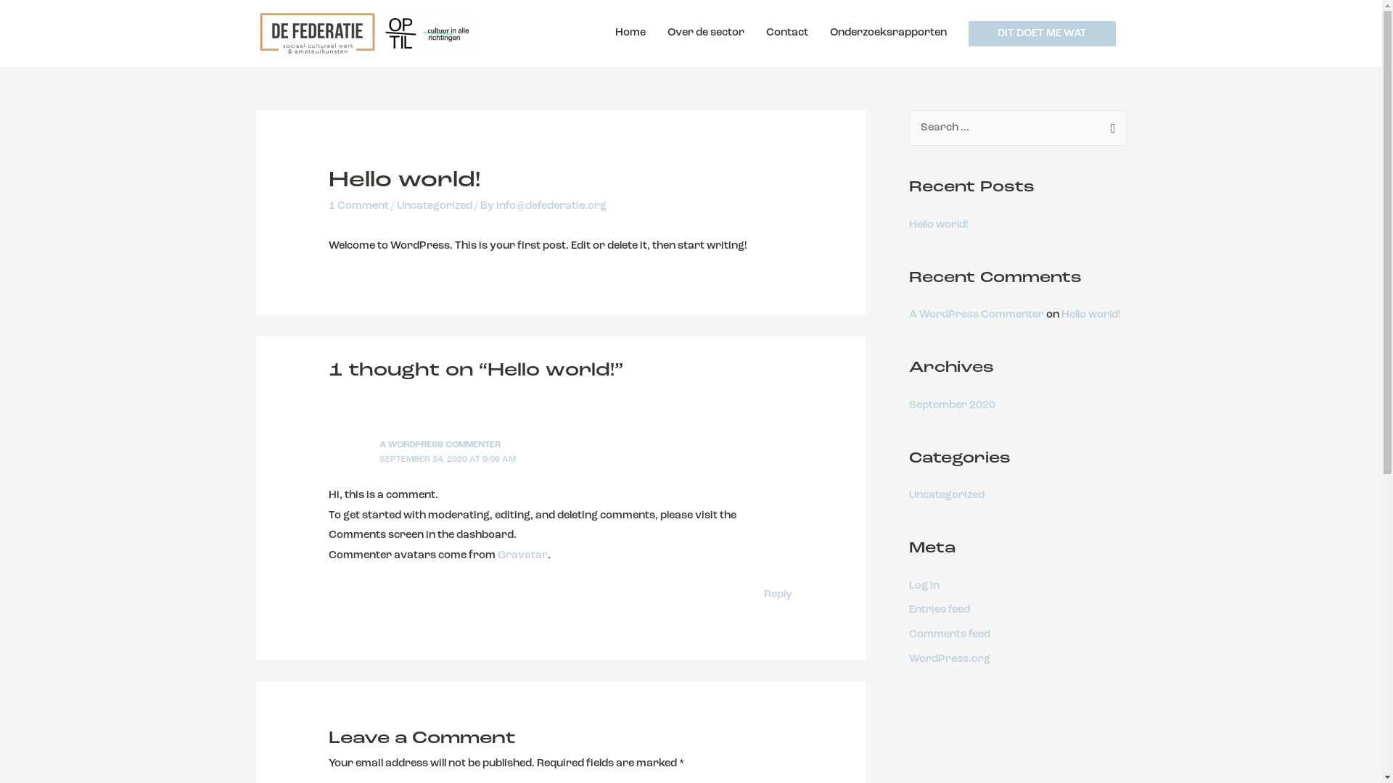 The width and height of the screenshot is (1393, 783). Describe the element at coordinates (908, 224) in the screenshot. I see `'Hello world!'` at that location.